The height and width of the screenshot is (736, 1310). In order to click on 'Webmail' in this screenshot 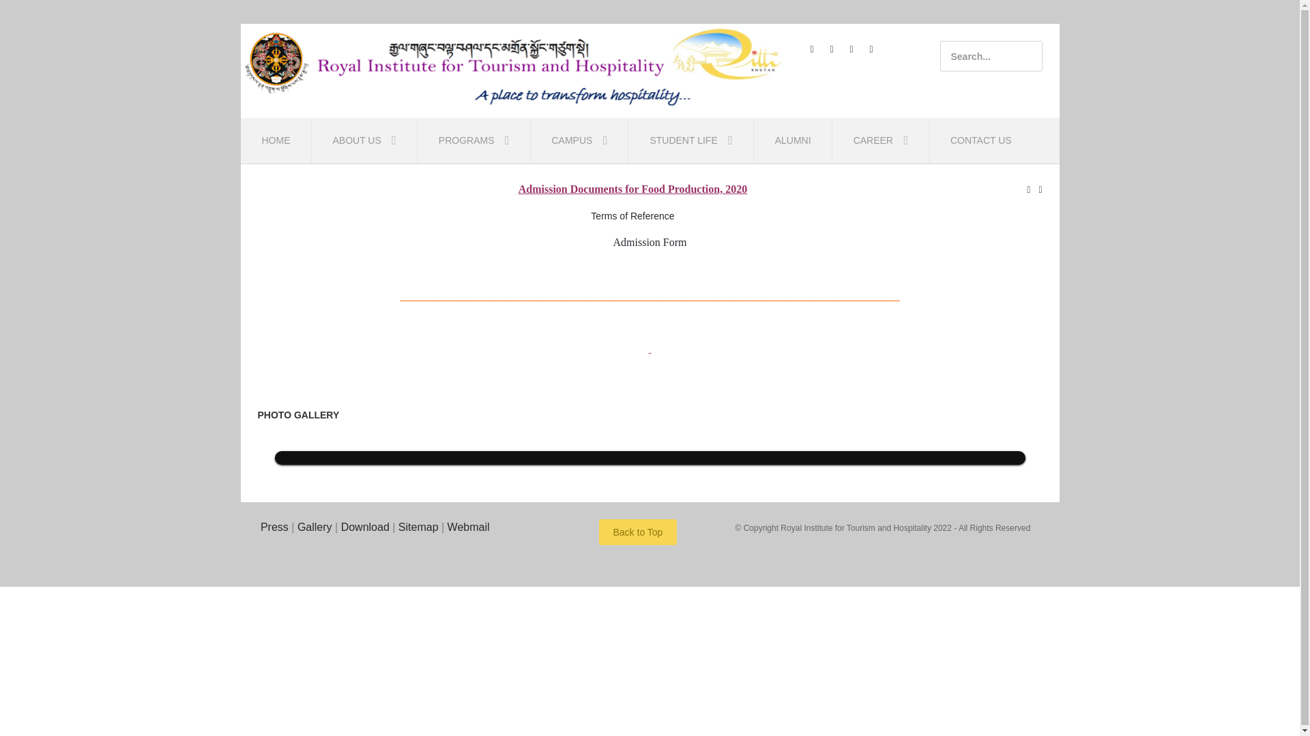, I will do `click(468, 526)`.